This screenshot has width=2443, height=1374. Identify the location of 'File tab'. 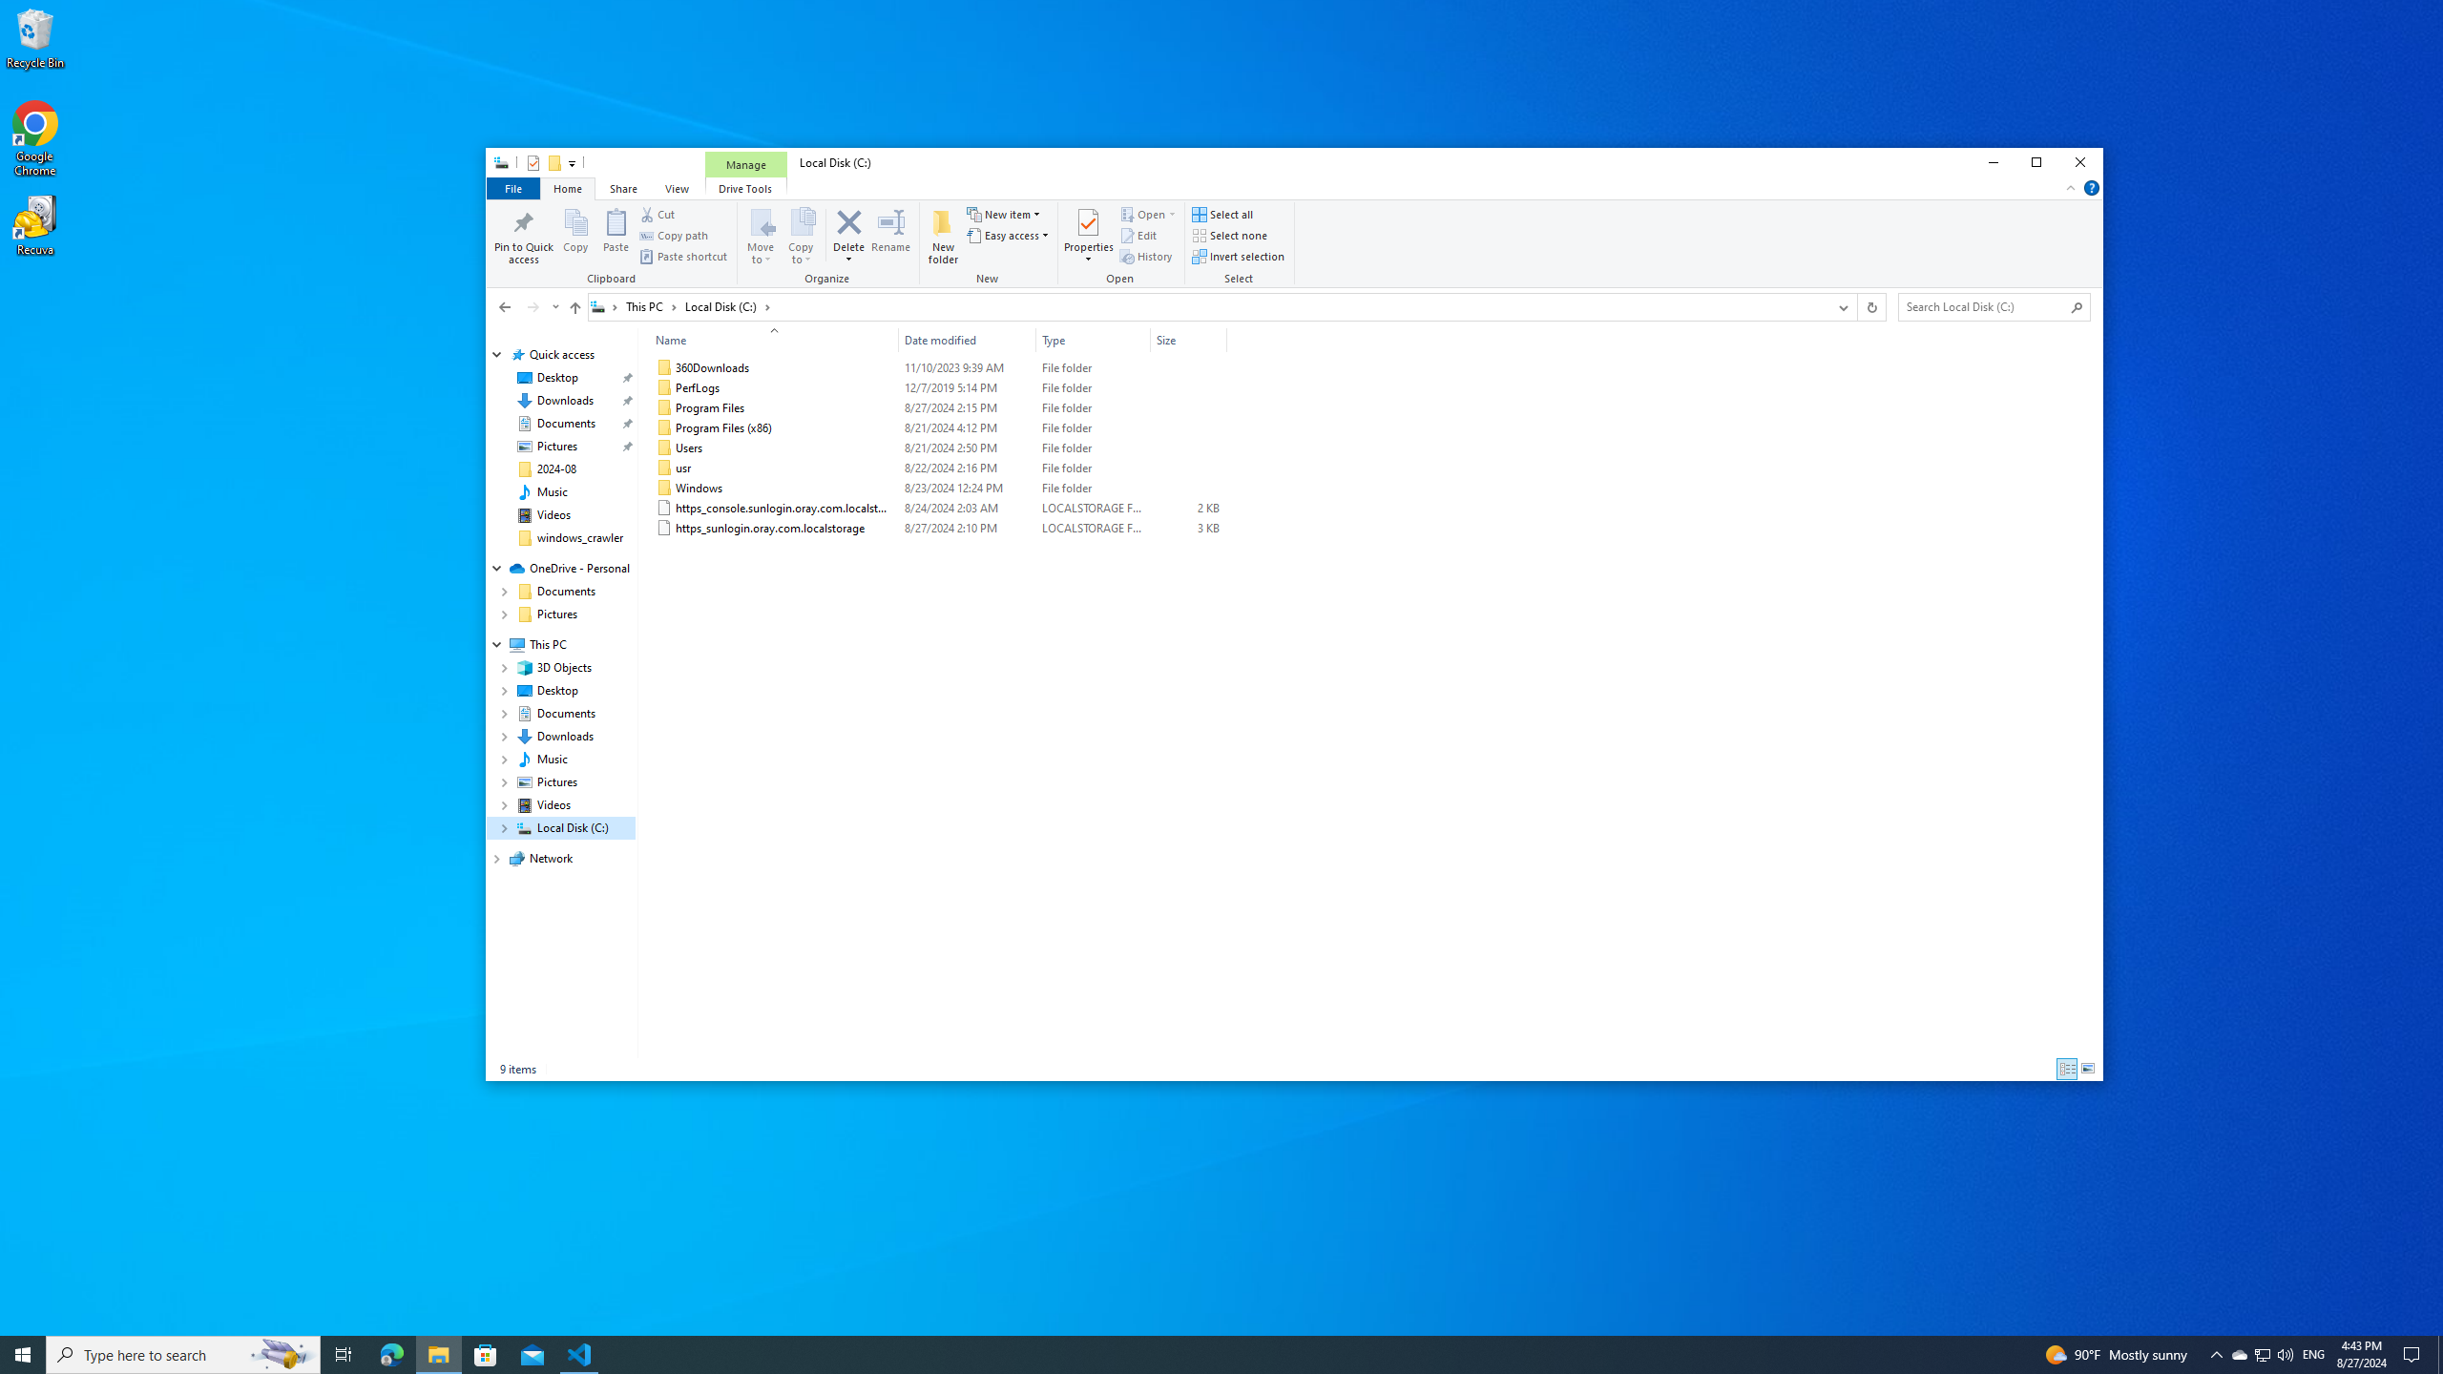
(512, 187).